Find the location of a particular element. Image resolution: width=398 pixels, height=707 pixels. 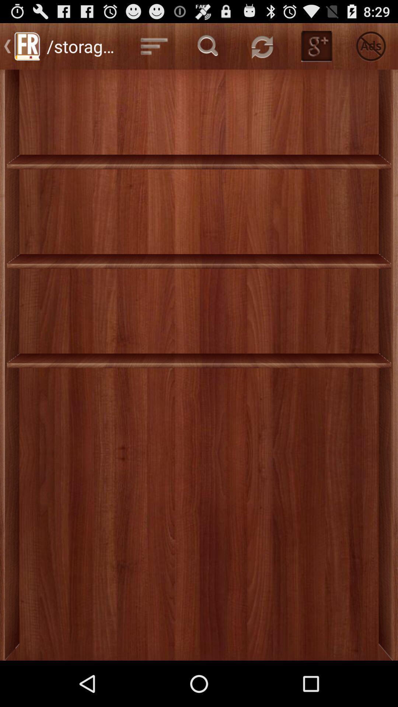

icon next to the storage emulated 0 icon is located at coordinates (154, 46).